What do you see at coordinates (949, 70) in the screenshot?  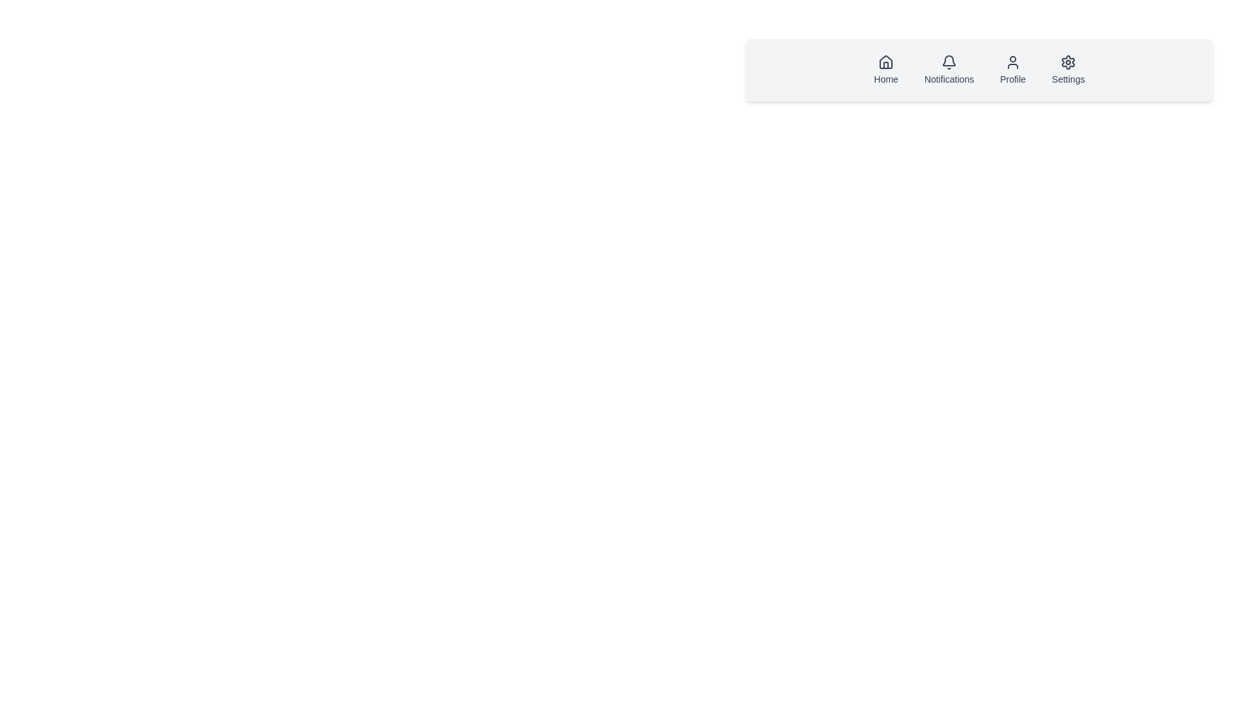 I see `the Notifications button in the navigation bar` at bounding box center [949, 70].